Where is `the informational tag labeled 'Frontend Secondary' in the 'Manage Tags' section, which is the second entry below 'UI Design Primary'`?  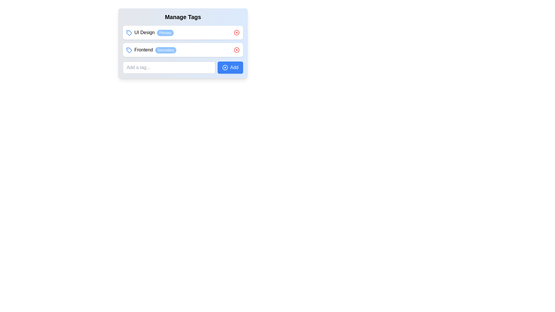
the informational tag labeled 'Frontend Secondary' in the 'Manage Tags' section, which is the second entry below 'UI Design Primary' is located at coordinates (183, 50).